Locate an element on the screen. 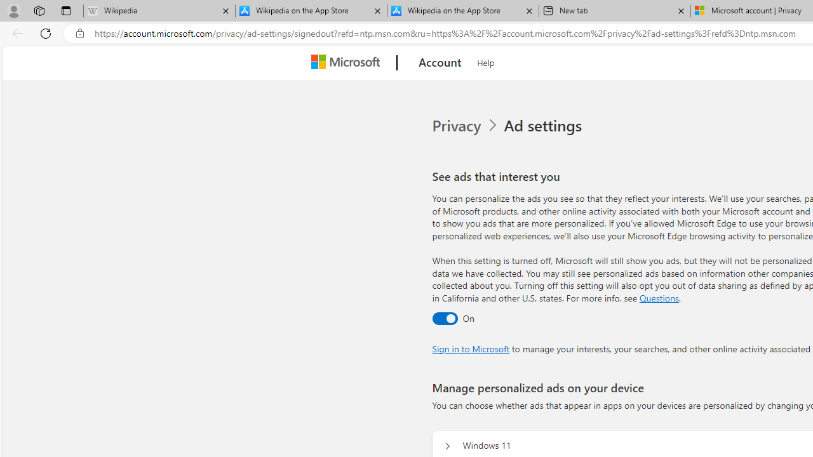 This screenshot has height=457, width=813. 'Go to Questions section' is located at coordinates (659, 298).